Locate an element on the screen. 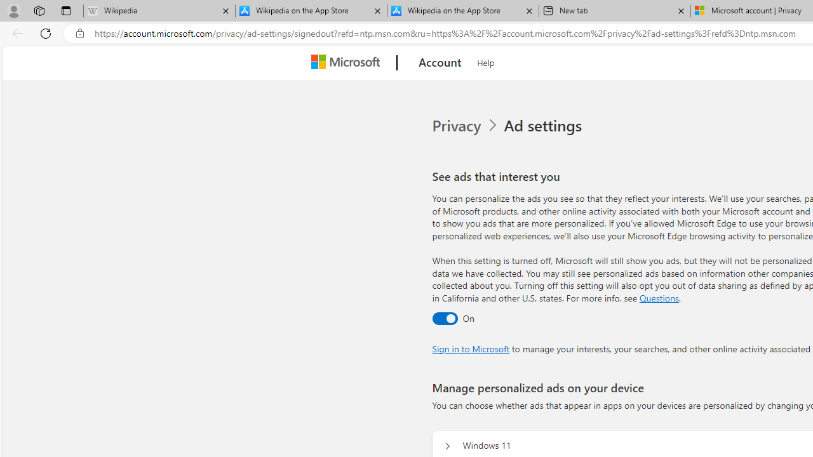 This screenshot has height=457, width=813. 'Go to Questions section' is located at coordinates (659, 298).